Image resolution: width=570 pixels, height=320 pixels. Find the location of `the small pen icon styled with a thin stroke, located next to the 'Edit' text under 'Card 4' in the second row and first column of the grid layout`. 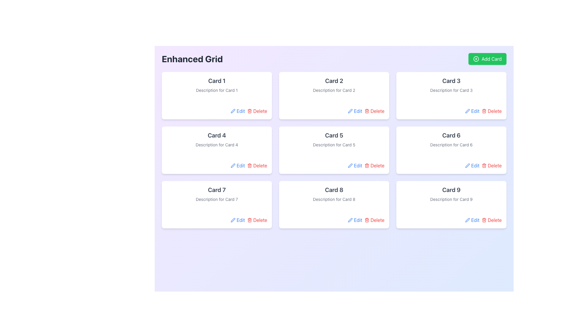

the small pen icon styled with a thin stroke, located next to the 'Edit' text under 'Card 4' in the second row and first column of the grid layout is located at coordinates (233, 166).